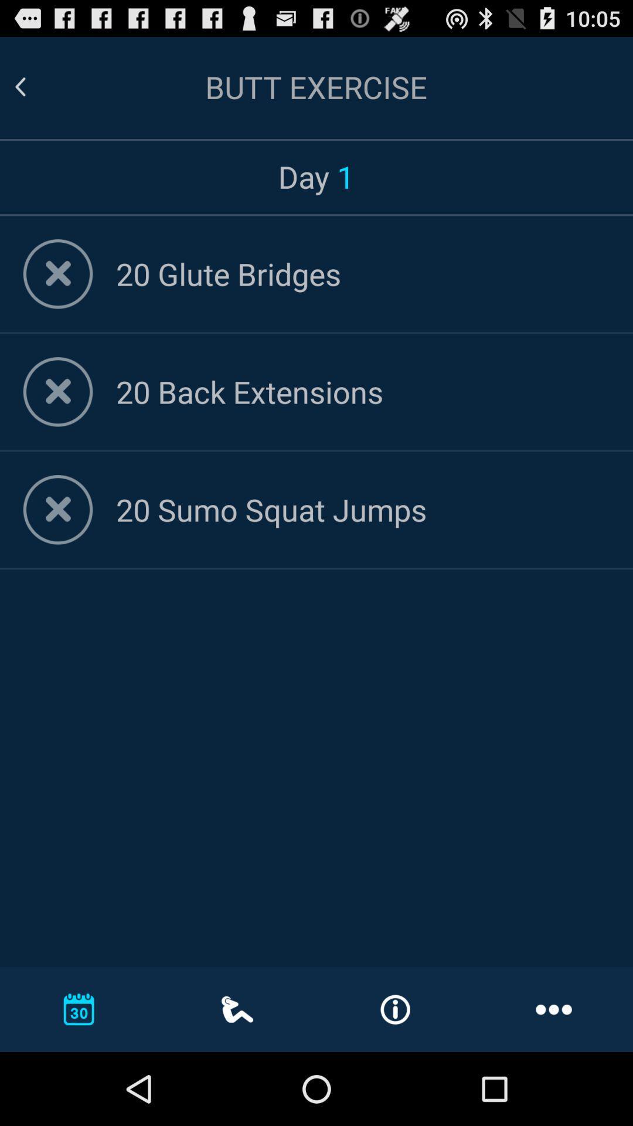  What do you see at coordinates (362, 391) in the screenshot?
I see `the 20 back extensions app` at bounding box center [362, 391].